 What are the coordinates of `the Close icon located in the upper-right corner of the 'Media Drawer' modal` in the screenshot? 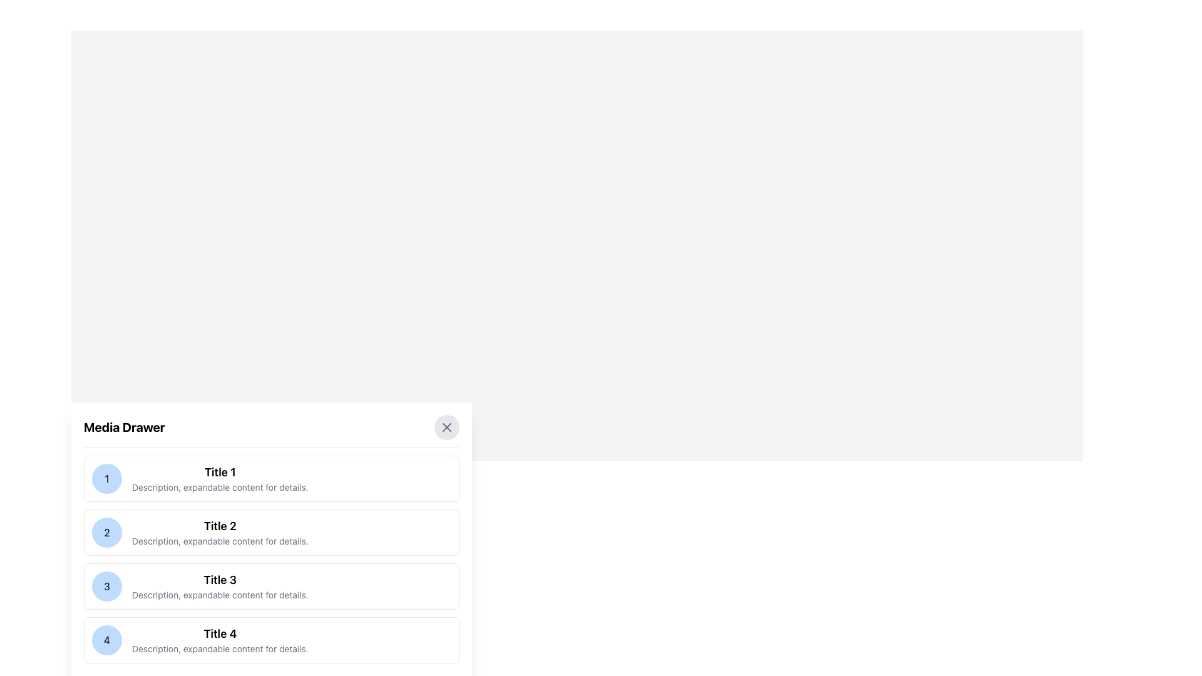 It's located at (447, 426).